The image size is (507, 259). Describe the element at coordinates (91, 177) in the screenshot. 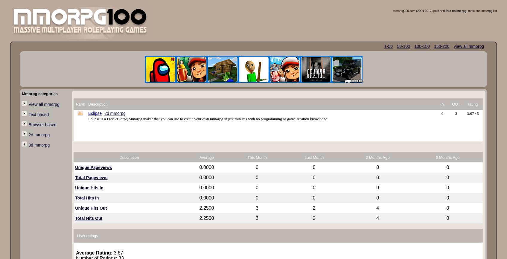

I see `'Total Pageviews'` at that location.